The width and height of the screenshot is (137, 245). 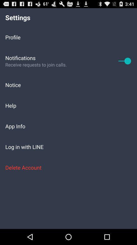 What do you see at coordinates (68, 167) in the screenshot?
I see `icon below the log in with item` at bounding box center [68, 167].